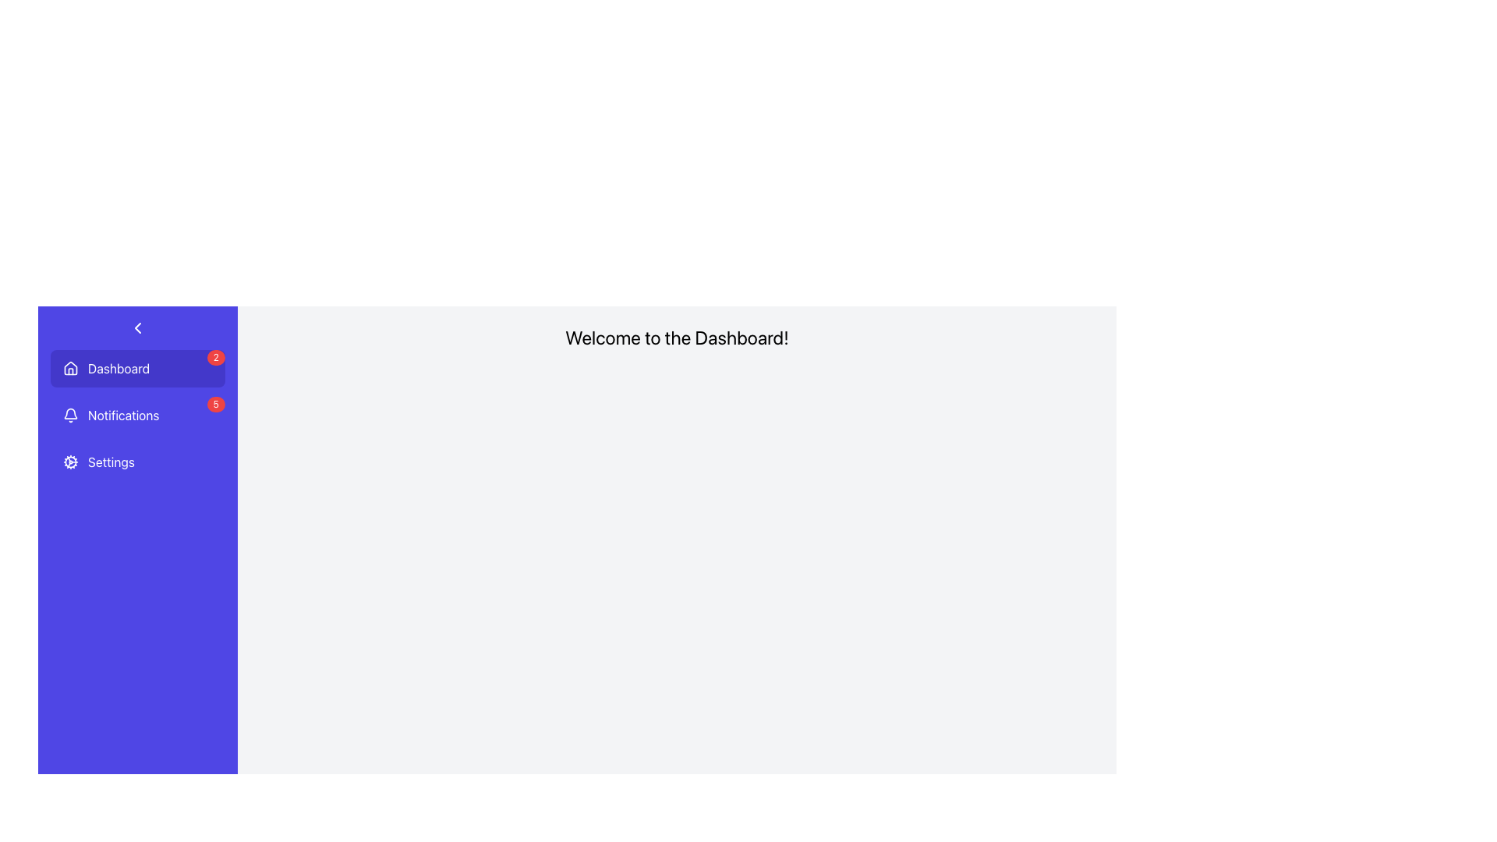 The width and height of the screenshot is (1497, 842). What do you see at coordinates (70, 462) in the screenshot?
I see `the 'Settings' icon located in the left-side navigation panel` at bounding box center [70, 462].